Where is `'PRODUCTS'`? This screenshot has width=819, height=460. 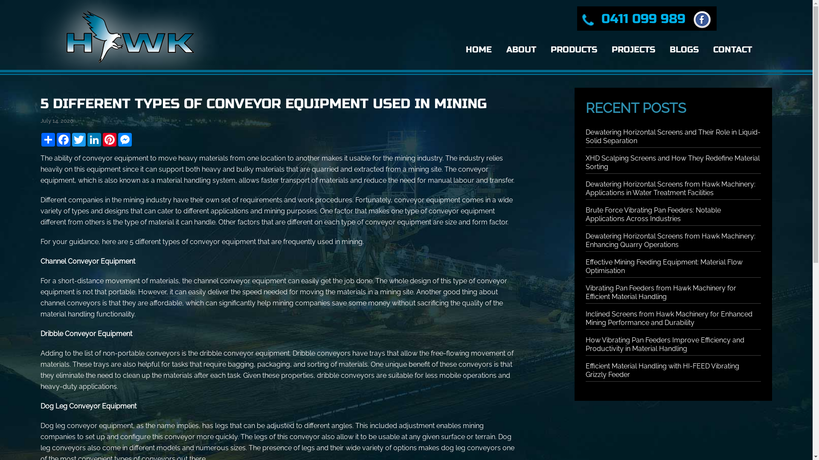 'PRODUCTS' is located at coordinates (574, 49).